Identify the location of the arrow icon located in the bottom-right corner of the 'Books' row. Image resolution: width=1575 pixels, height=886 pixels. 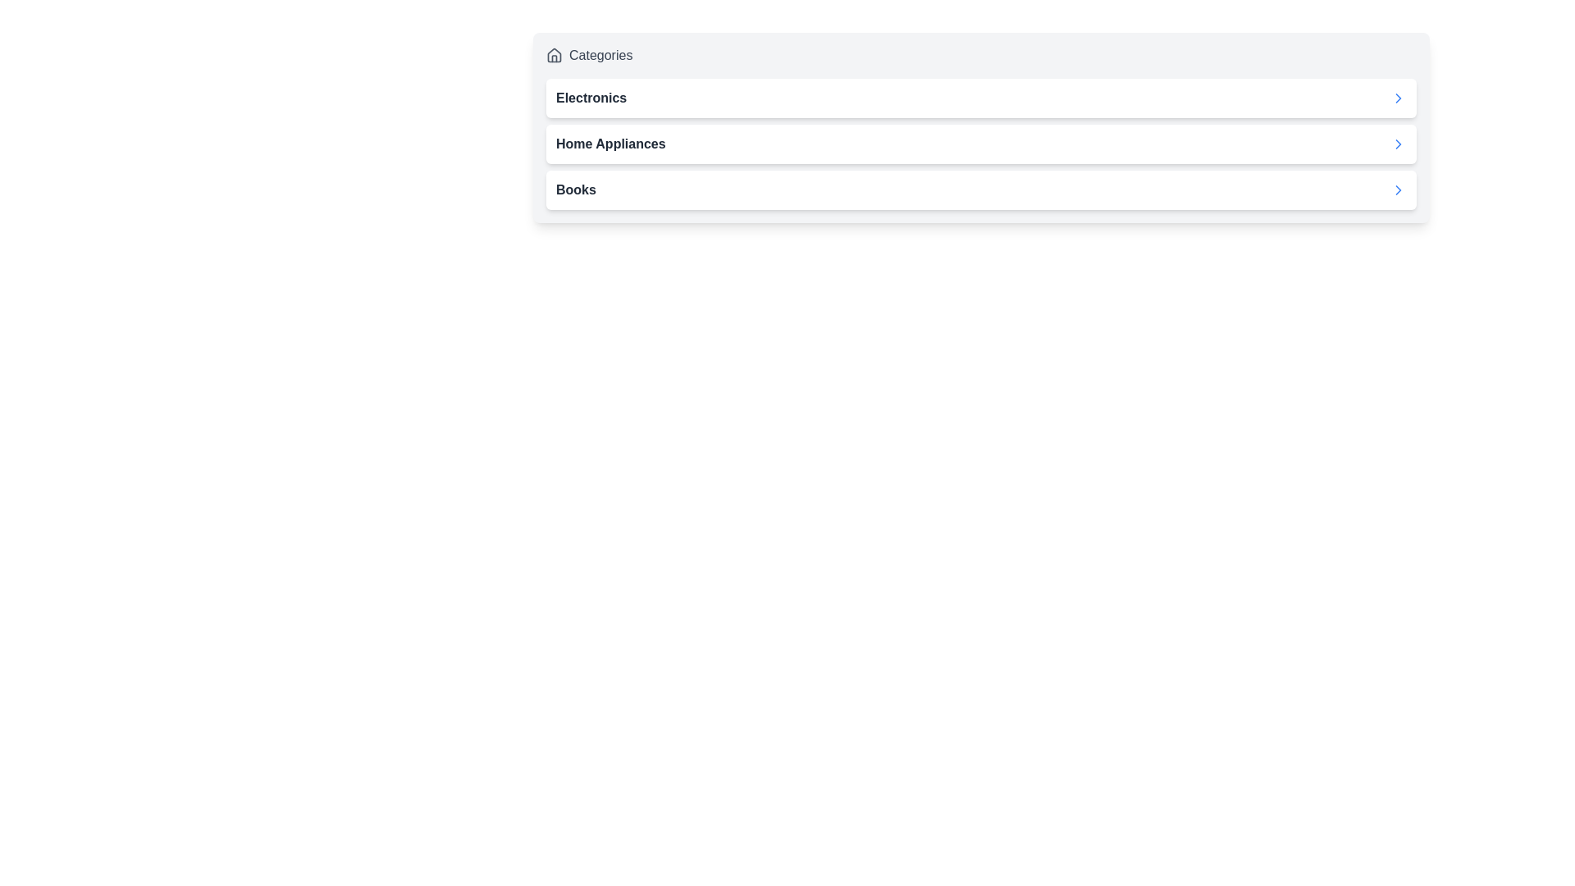
(1397, 189).